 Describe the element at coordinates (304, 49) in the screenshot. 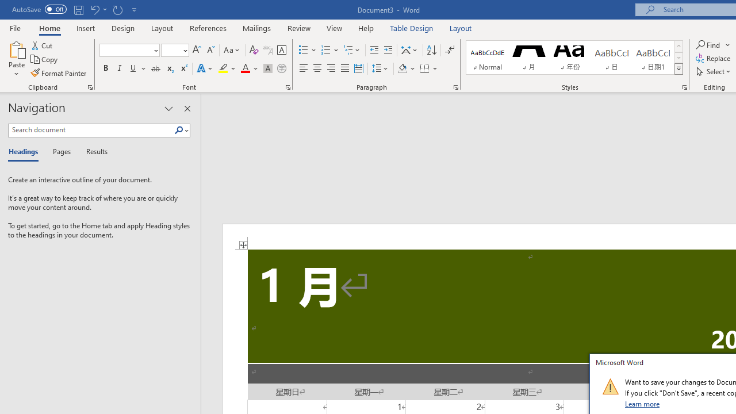

I see `'Bullets'` at that location.